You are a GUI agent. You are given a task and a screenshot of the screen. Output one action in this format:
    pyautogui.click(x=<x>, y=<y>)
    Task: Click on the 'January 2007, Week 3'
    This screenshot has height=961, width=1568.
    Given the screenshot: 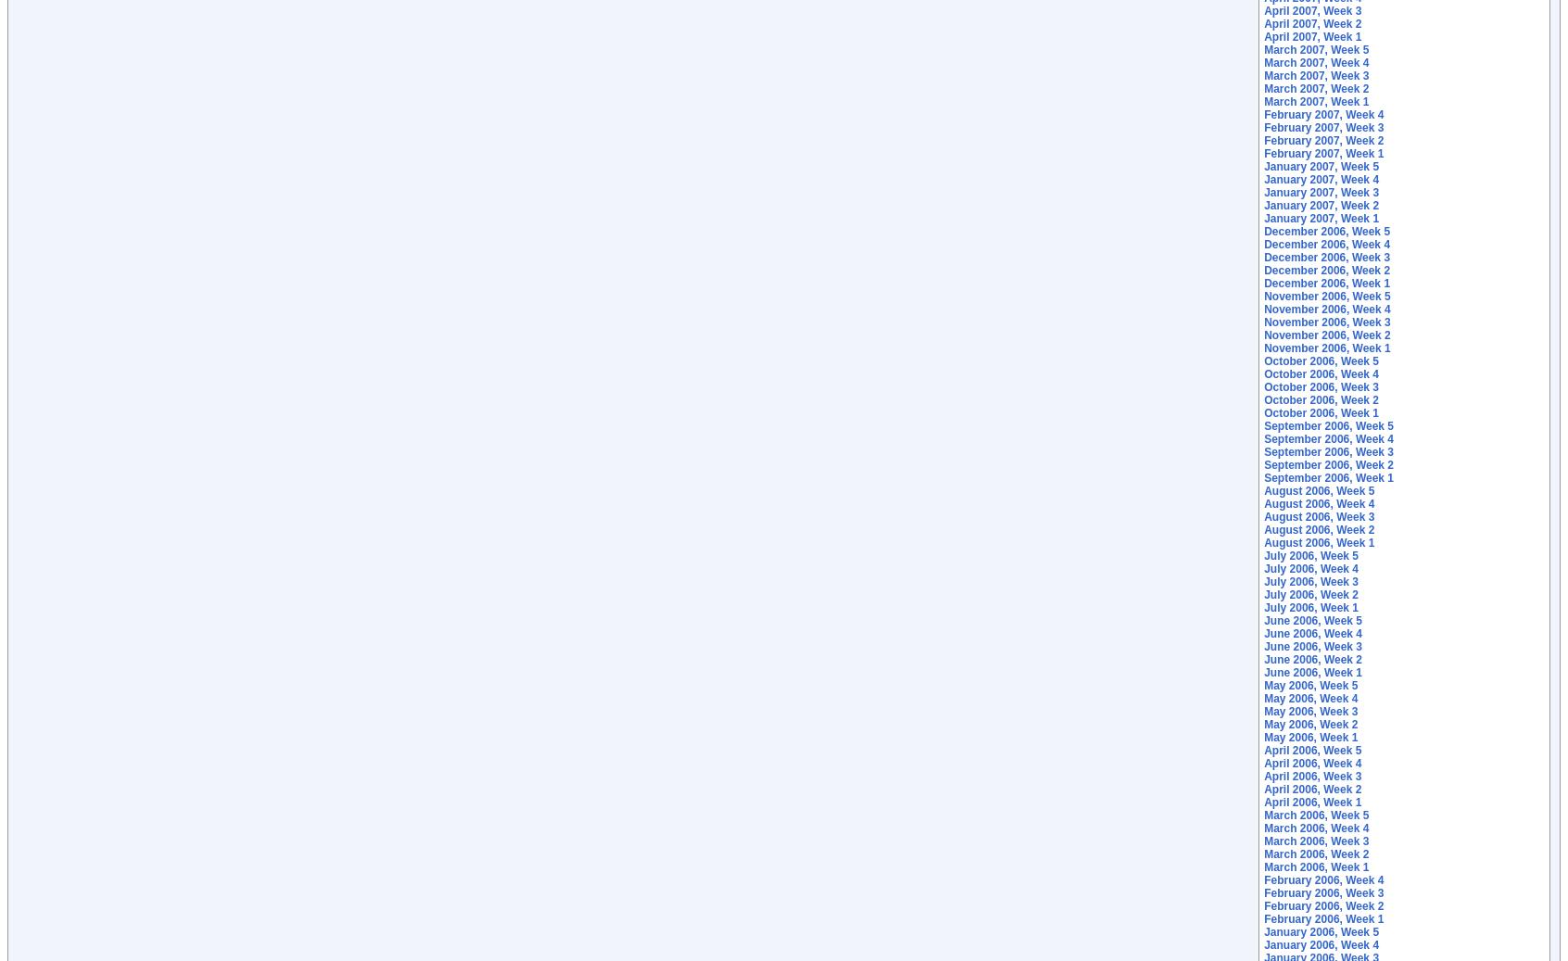 What is the action you would take?
    pyautogui.click(x=1321, y=192)
    